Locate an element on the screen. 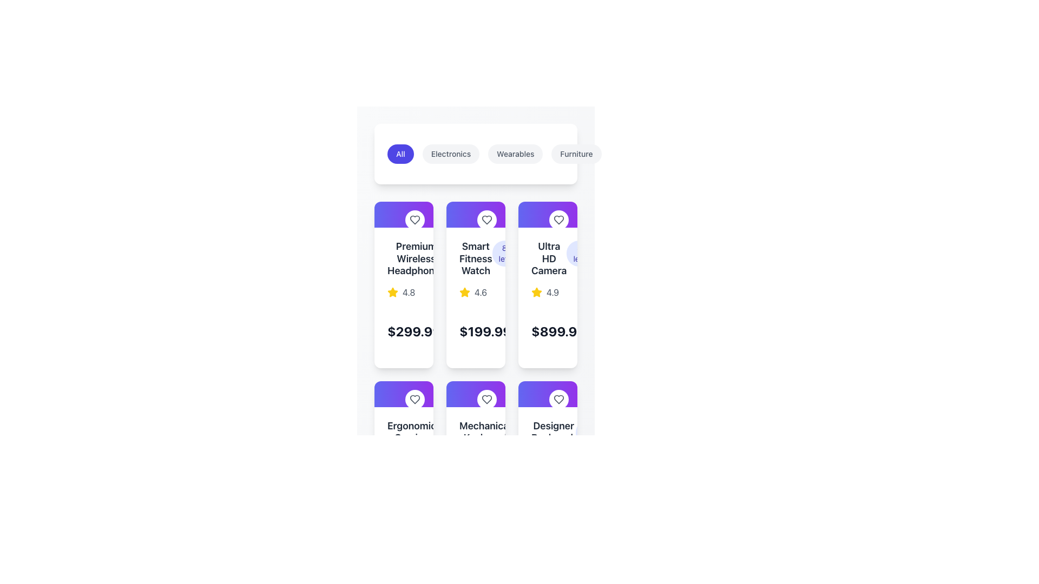 This screenshot has width=1039, height=584. the price indicator static text element, which is positioned in the third column of a grid layout, aligned to the left above the 'Add to Cart' button is located at coordinates (558, 330).